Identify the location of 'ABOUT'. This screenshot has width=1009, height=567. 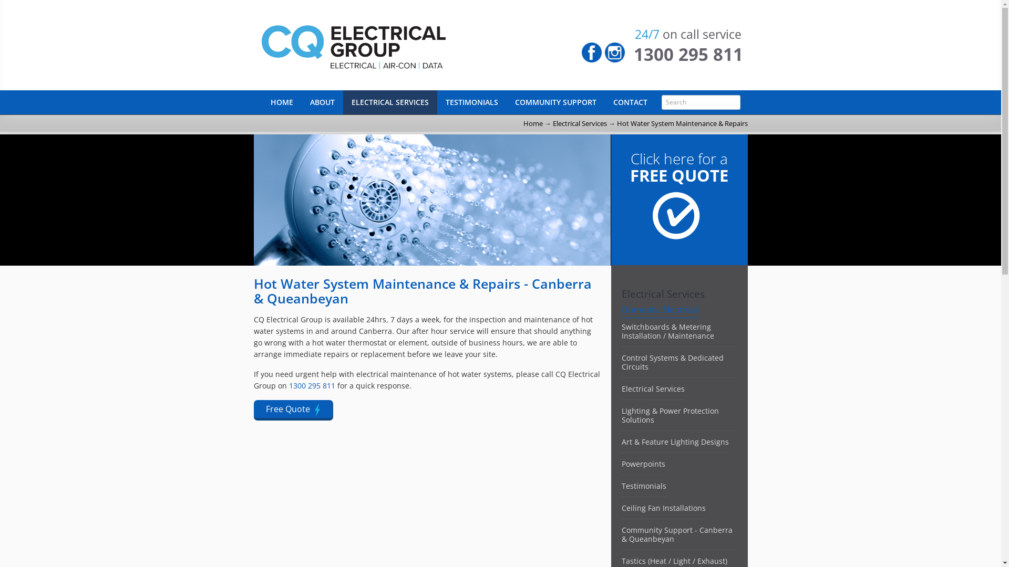
(322, 102).